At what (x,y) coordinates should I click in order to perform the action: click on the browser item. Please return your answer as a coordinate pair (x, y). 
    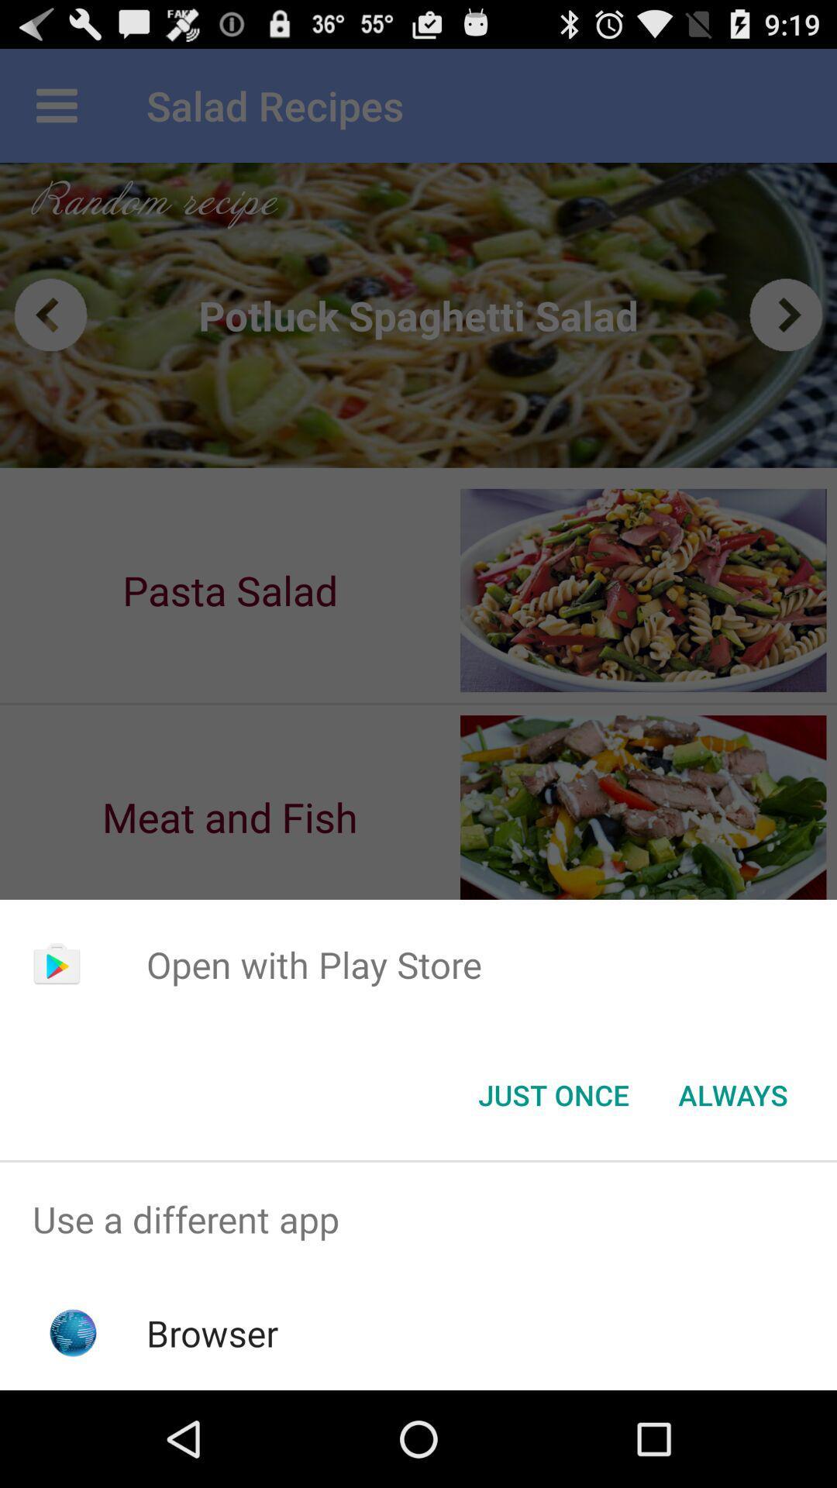
    Looking at the image, I should click on (212, 1332).